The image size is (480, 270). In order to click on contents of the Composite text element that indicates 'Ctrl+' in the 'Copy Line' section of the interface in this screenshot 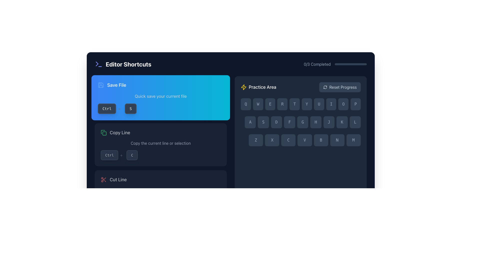, I will do `click(112, 155)`.